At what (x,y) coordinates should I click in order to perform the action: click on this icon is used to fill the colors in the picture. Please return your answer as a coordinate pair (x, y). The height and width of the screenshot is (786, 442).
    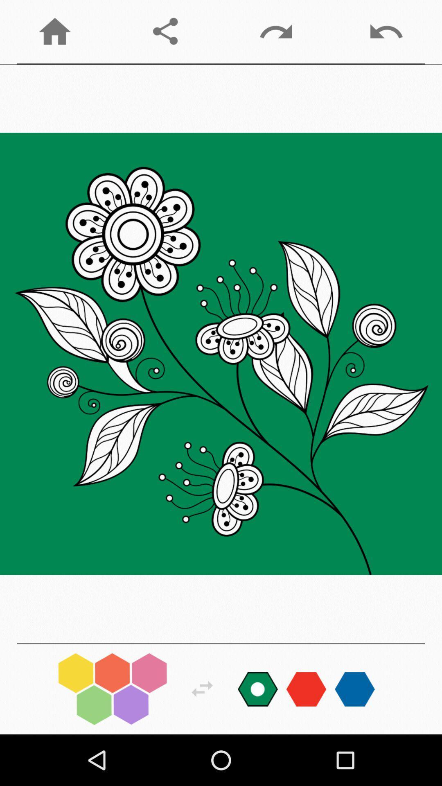
    Looking at the image, I should click on (113, 689).